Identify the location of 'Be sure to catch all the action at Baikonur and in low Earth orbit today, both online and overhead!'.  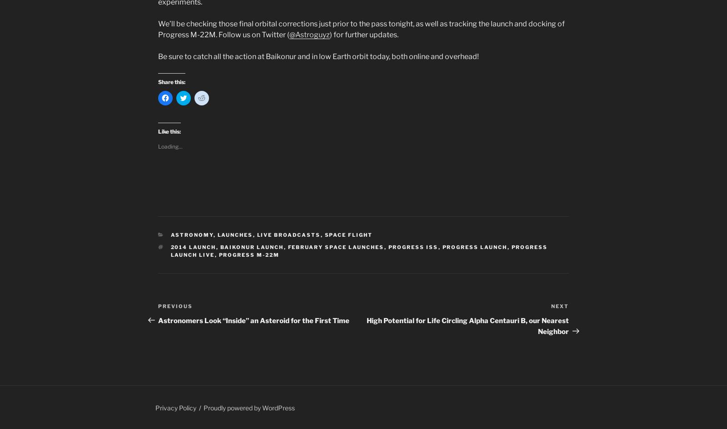
(318, 56).